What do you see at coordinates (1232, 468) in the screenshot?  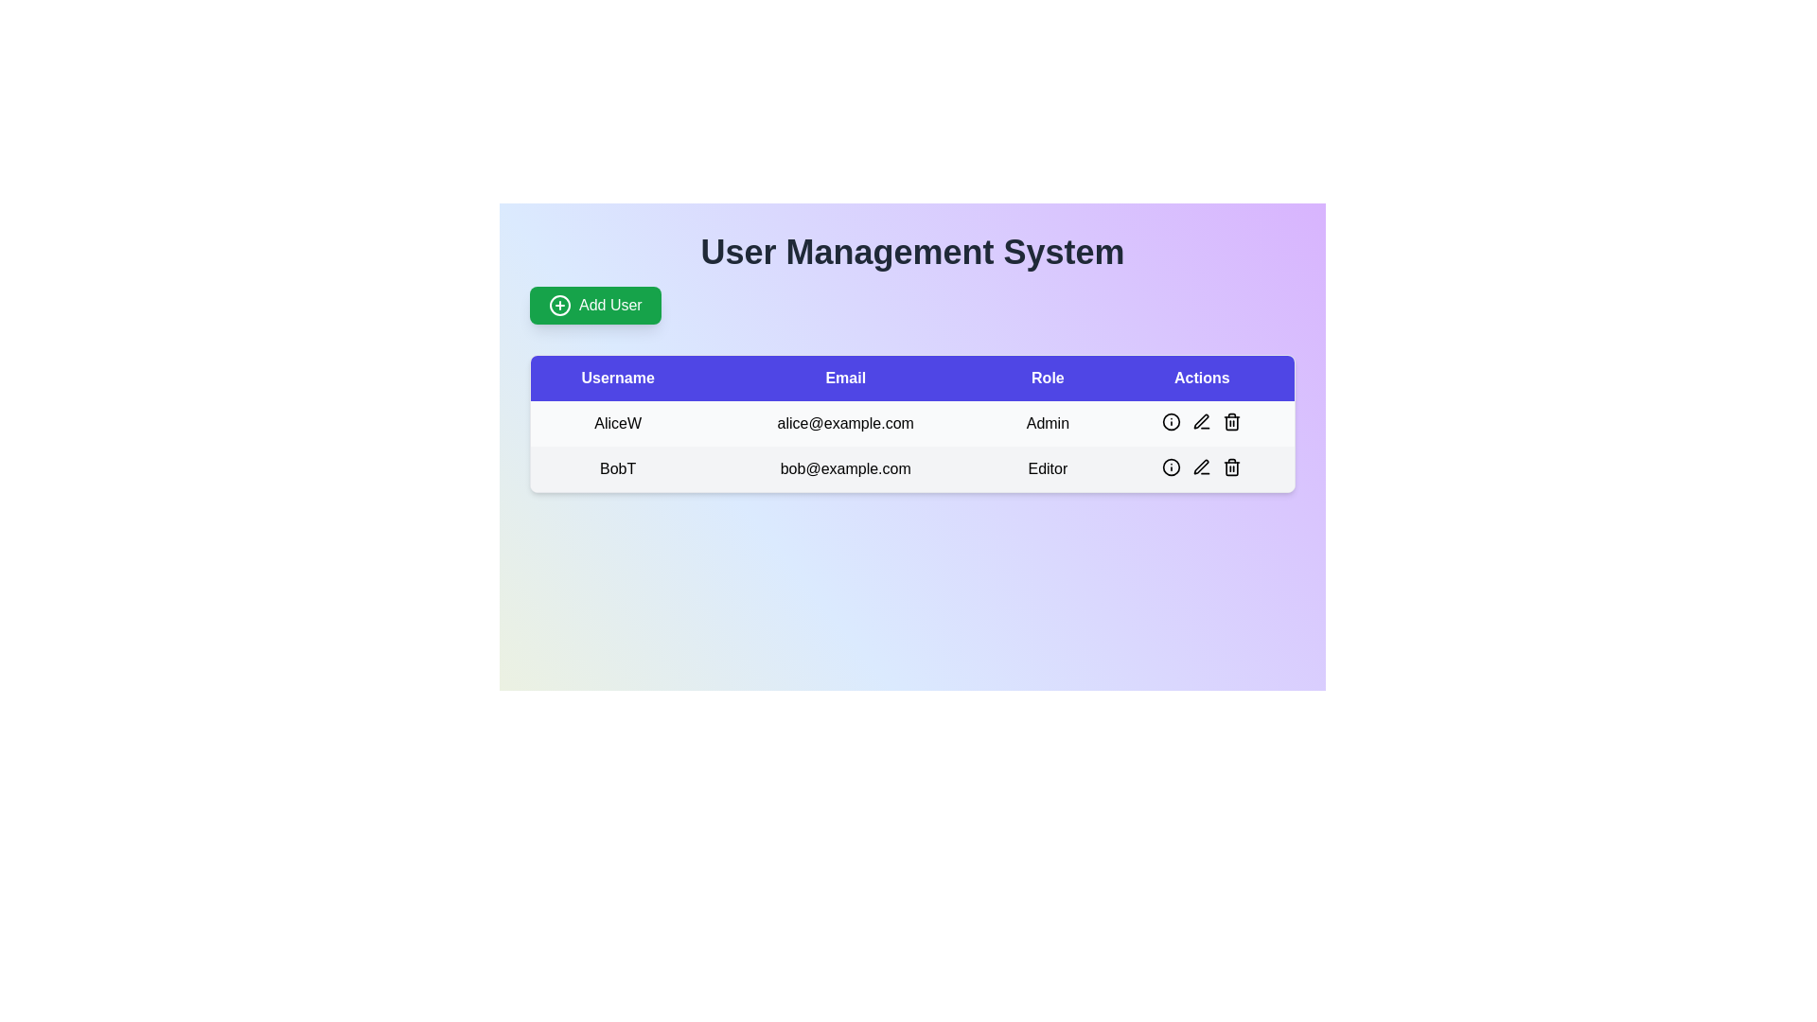 I see `the central outline of the trash can icon located in the 'Actions' column of the second row in the table` at bounding box center [1232, 468].